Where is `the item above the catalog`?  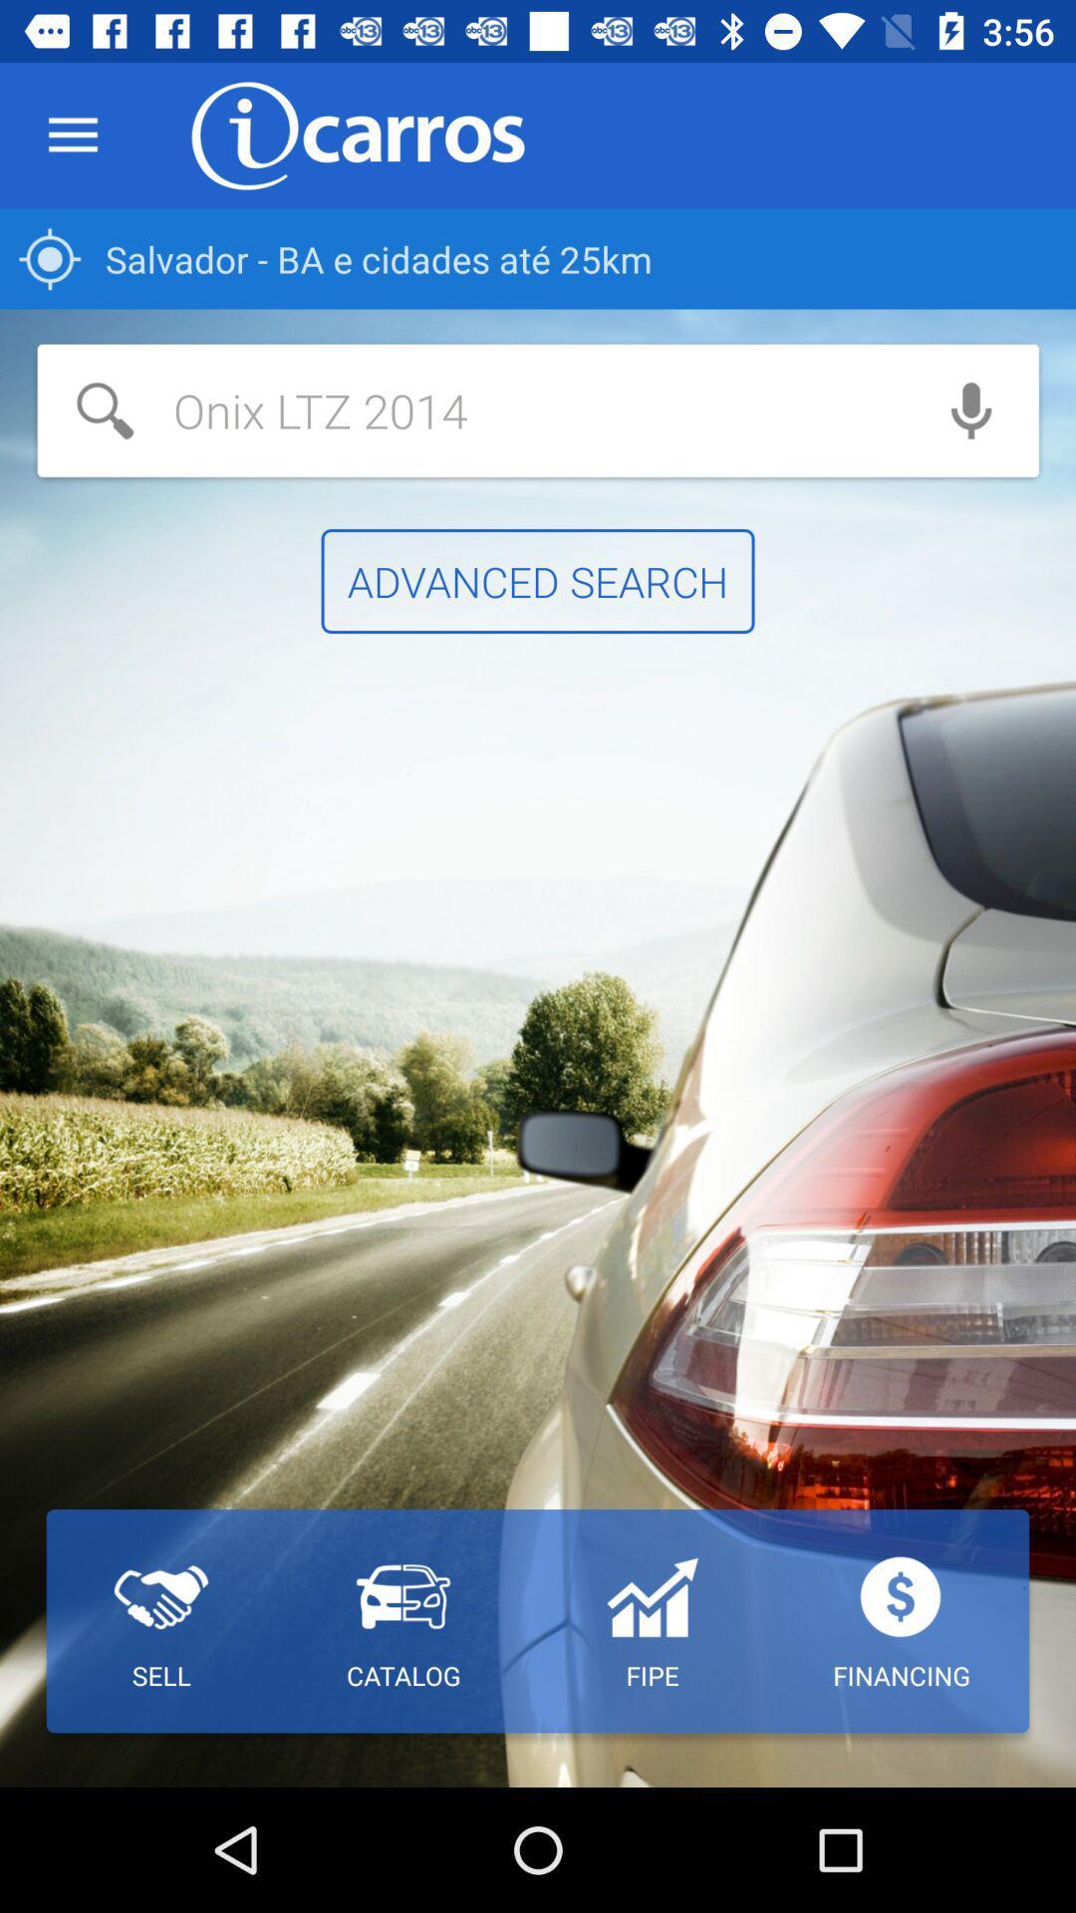
the item above the catalog is located at coordinates (538, 580).